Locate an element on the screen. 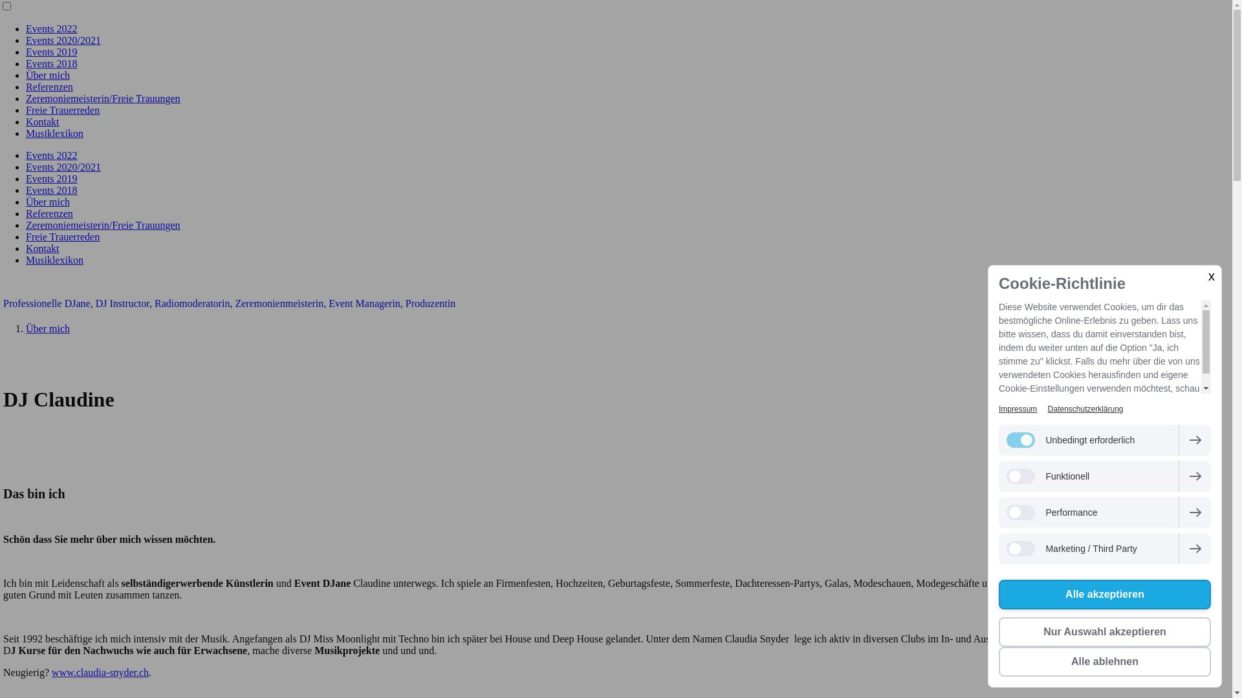  'Alle akzeptieren' is located at coordinates (998, 595).